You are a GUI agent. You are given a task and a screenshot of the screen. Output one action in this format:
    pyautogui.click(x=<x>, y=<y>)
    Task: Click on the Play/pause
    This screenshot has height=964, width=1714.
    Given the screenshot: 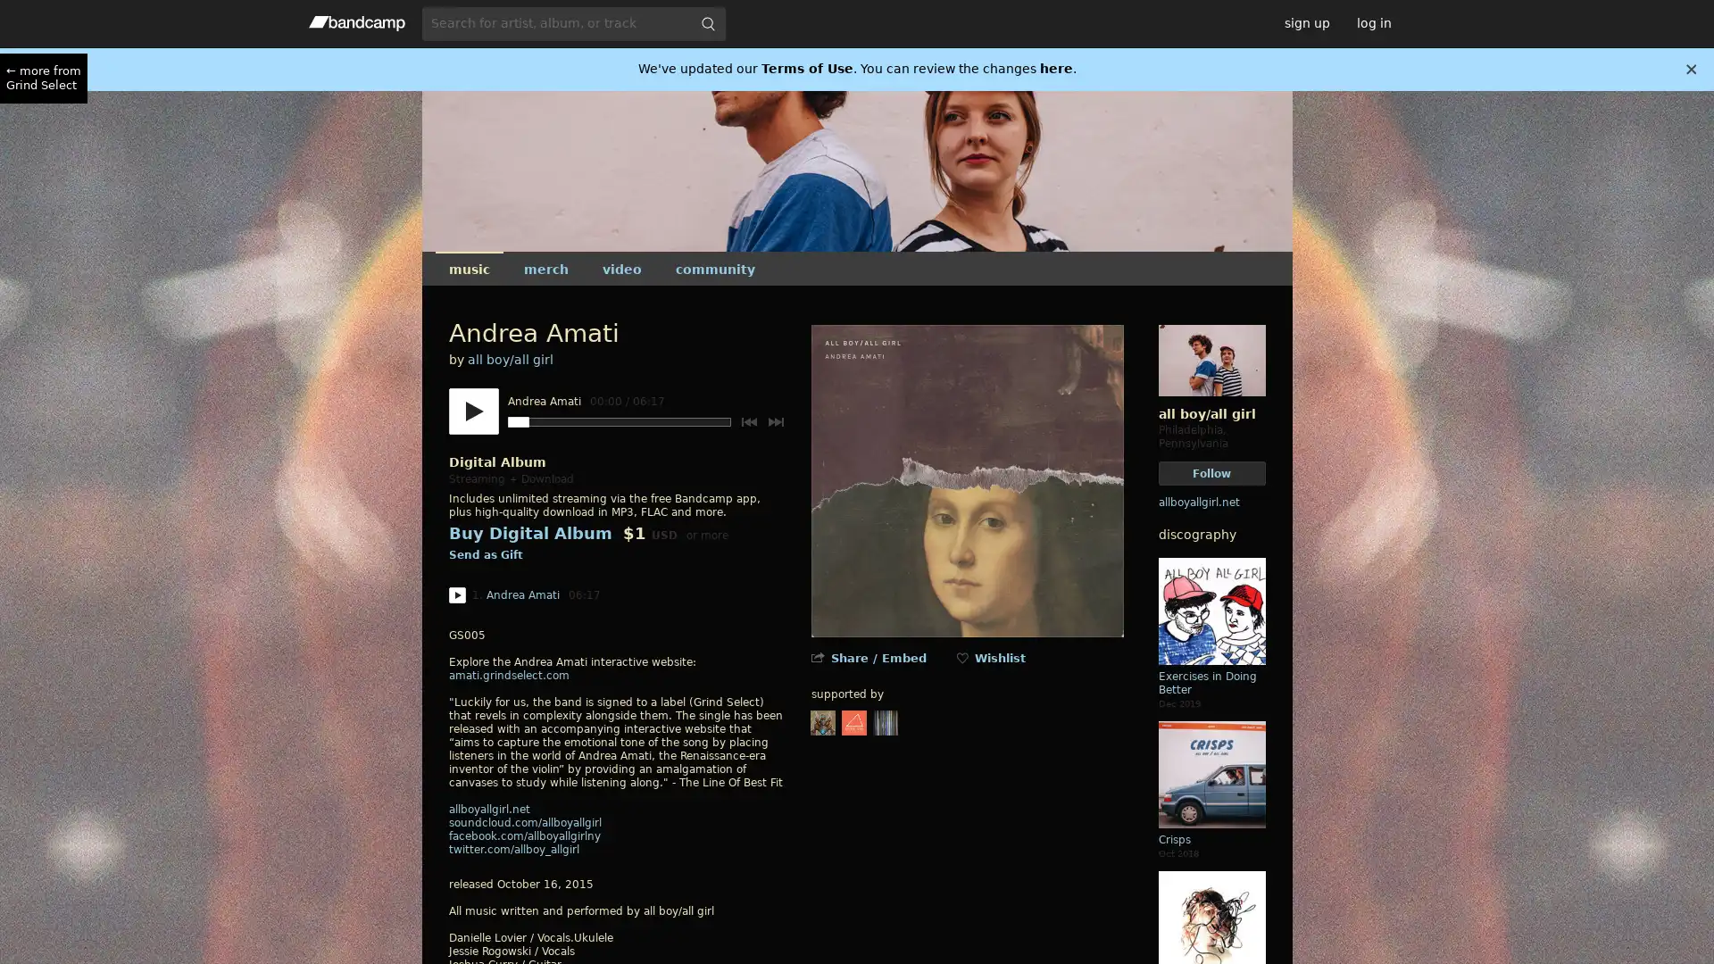 What is the action you would take?
    pyautogui.click(x=472, y=411)
    